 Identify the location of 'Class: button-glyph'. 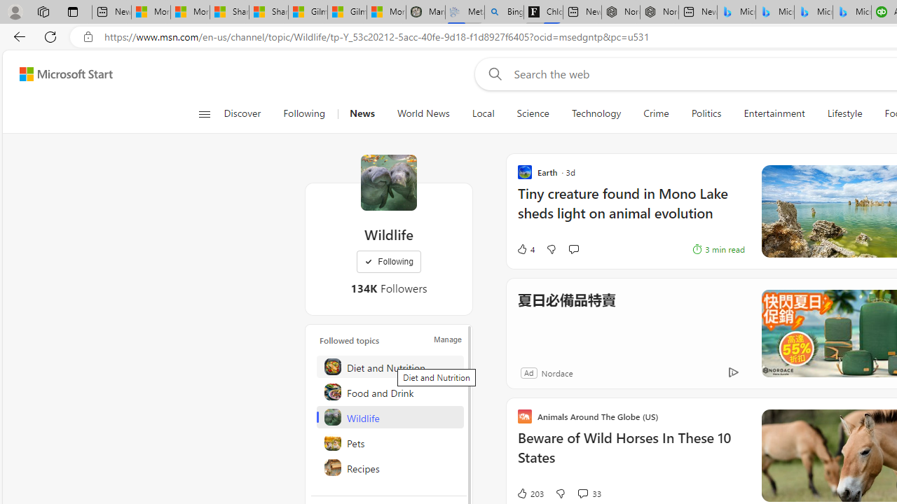
(203, 113).